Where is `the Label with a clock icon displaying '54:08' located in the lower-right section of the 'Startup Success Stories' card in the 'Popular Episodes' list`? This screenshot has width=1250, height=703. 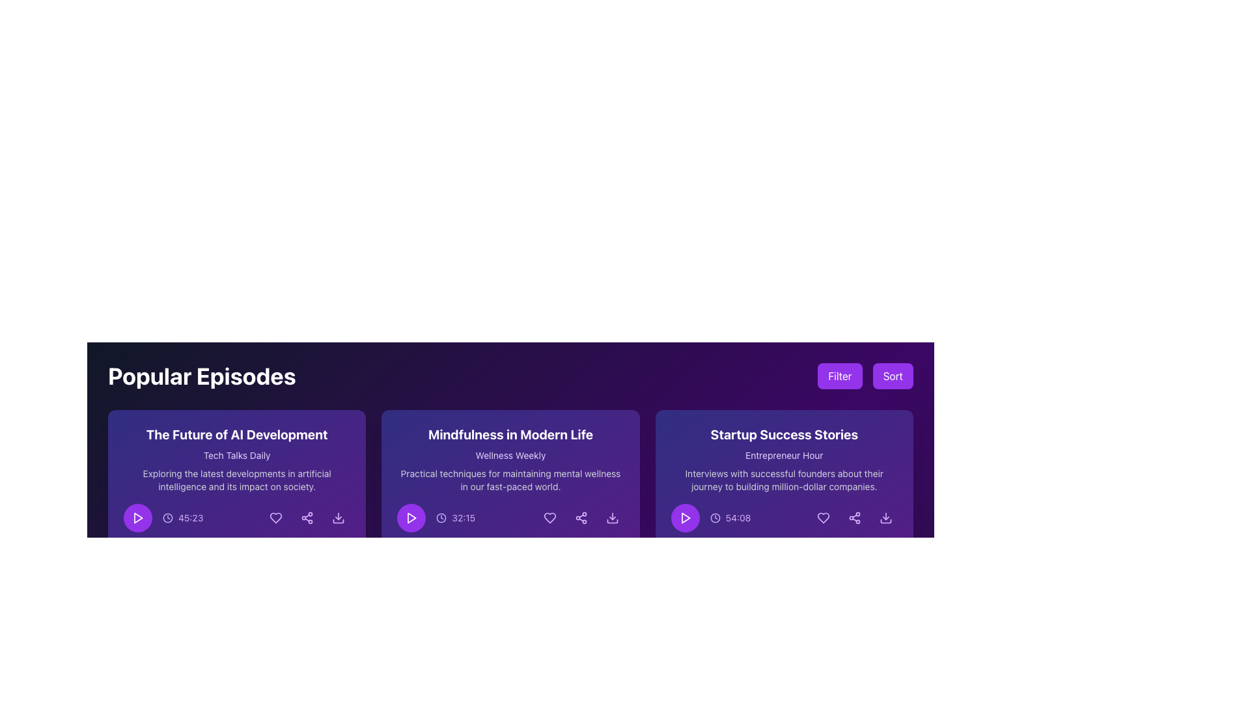
the Label with a clock icon displaying '54:08' located in the lower-right section of the 'Startup Success Stories' card in the 'Popular Episodes' list is located at coordinates (730, 517).